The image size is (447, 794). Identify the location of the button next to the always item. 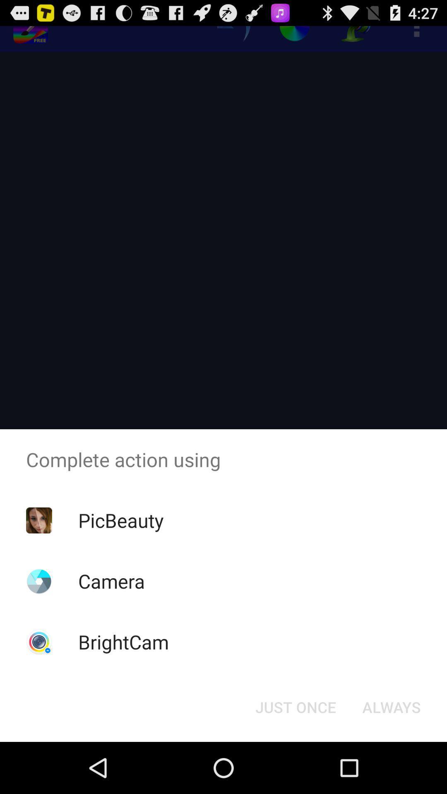
(295, 706).